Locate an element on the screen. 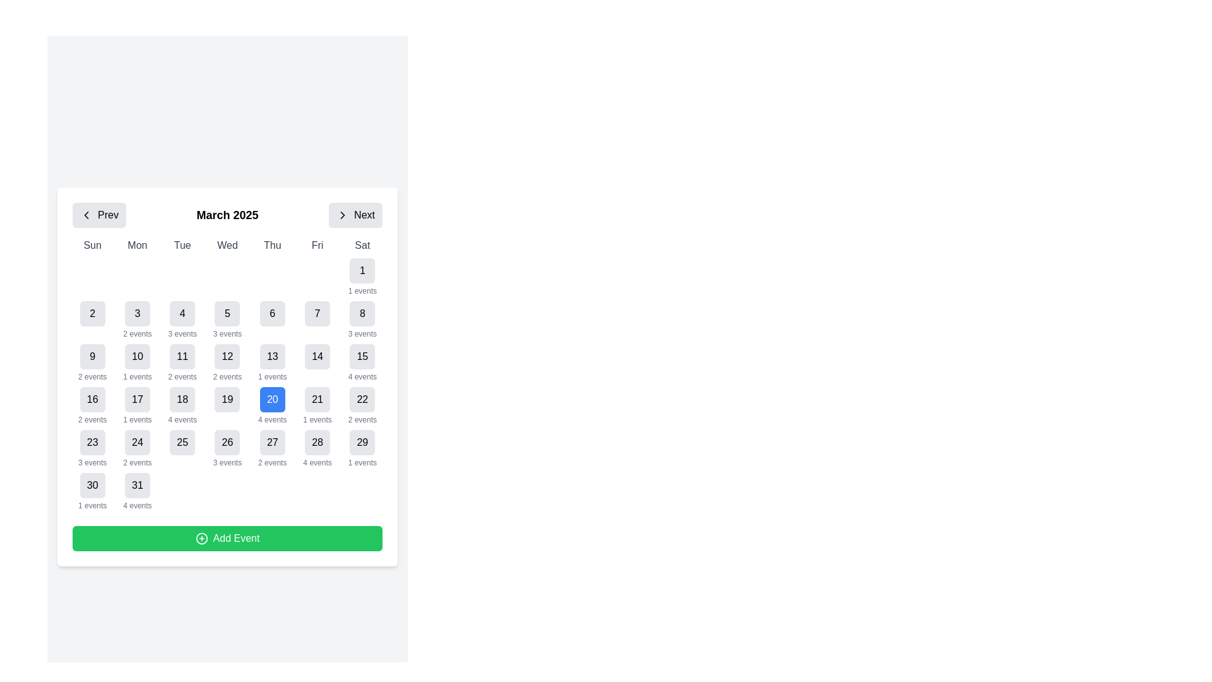  the 'Next' button with black text on a light gray background to observe the hover effect is located at coordinates (364, 214).